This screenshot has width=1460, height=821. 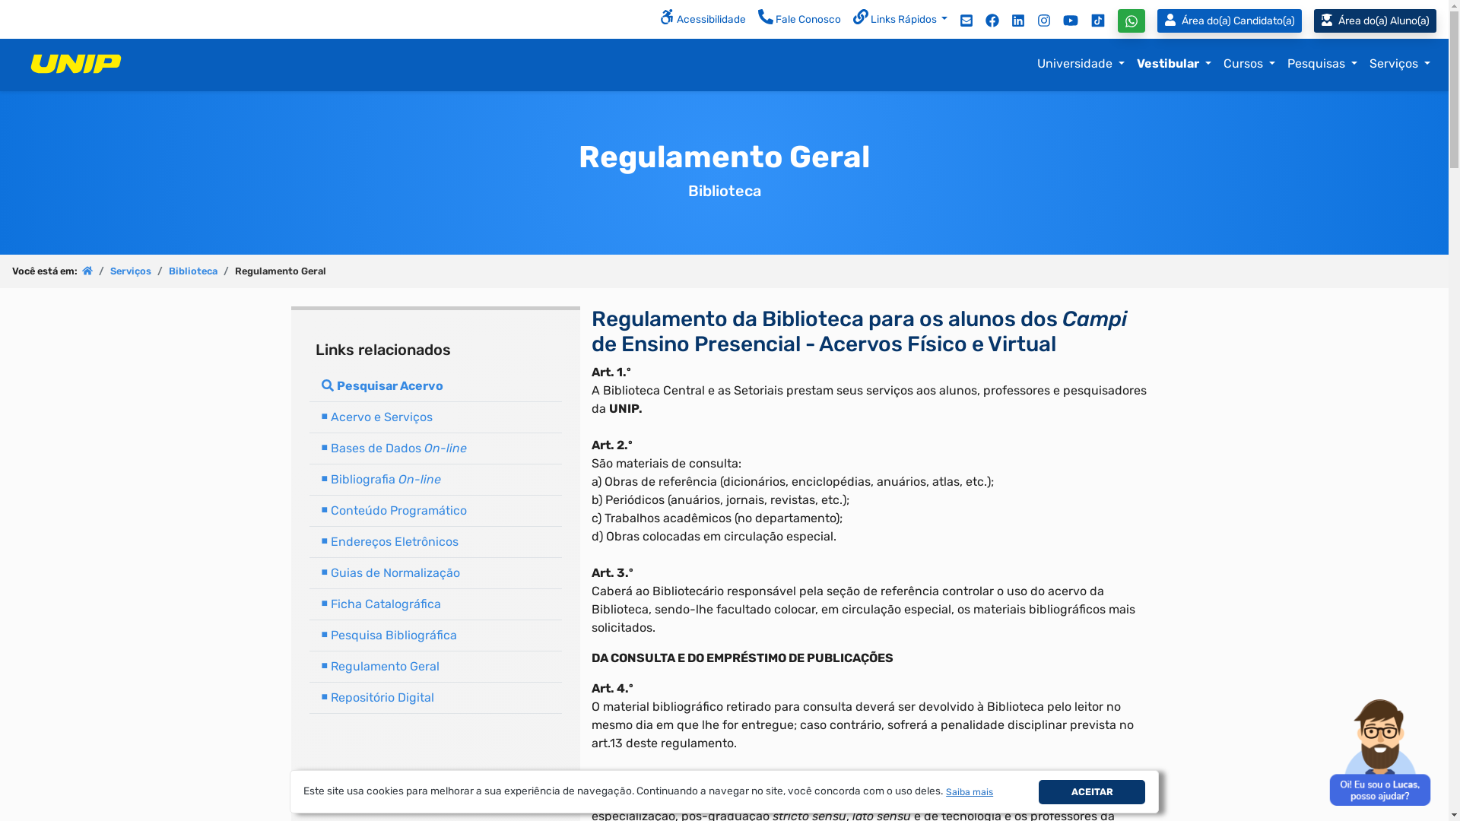 What do you see at coordinates (1080, 63) in the screenshot?
I see `'Universidade'` at bounding box center [1080, 63].